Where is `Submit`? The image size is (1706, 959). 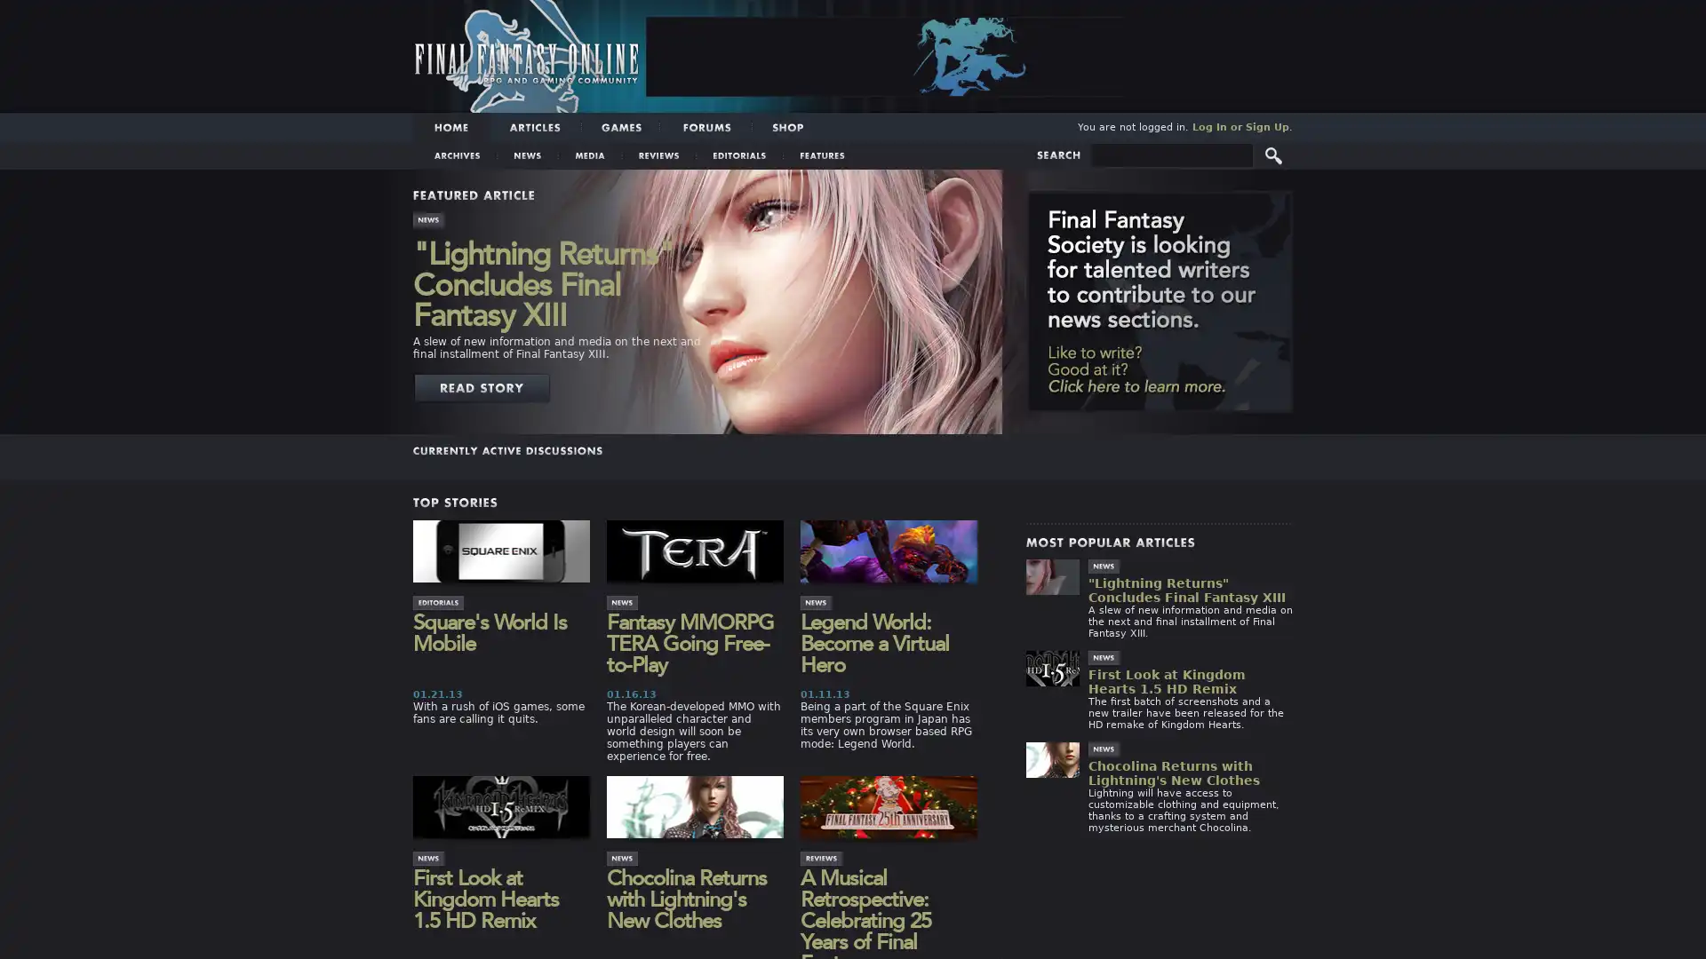
Submit is located at coordinates (1272, 154).